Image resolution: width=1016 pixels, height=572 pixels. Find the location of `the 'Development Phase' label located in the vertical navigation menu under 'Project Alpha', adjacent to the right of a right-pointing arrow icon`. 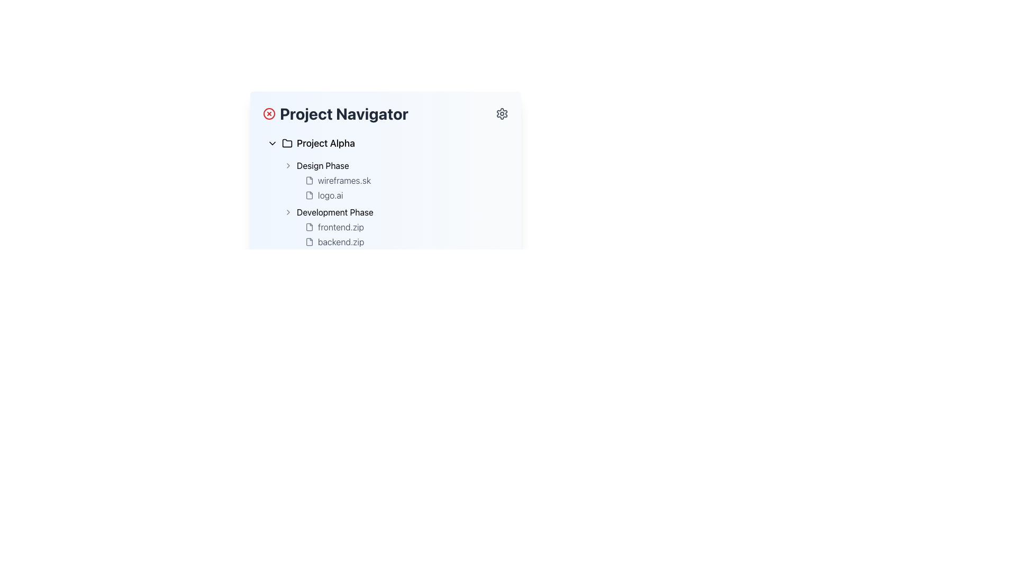

the 'Development Phase' label located in the vertical navigation menu under 'Project Alpha', adjacent to the right of a right-pointing arrow icon is located at coordinates (334, 212).